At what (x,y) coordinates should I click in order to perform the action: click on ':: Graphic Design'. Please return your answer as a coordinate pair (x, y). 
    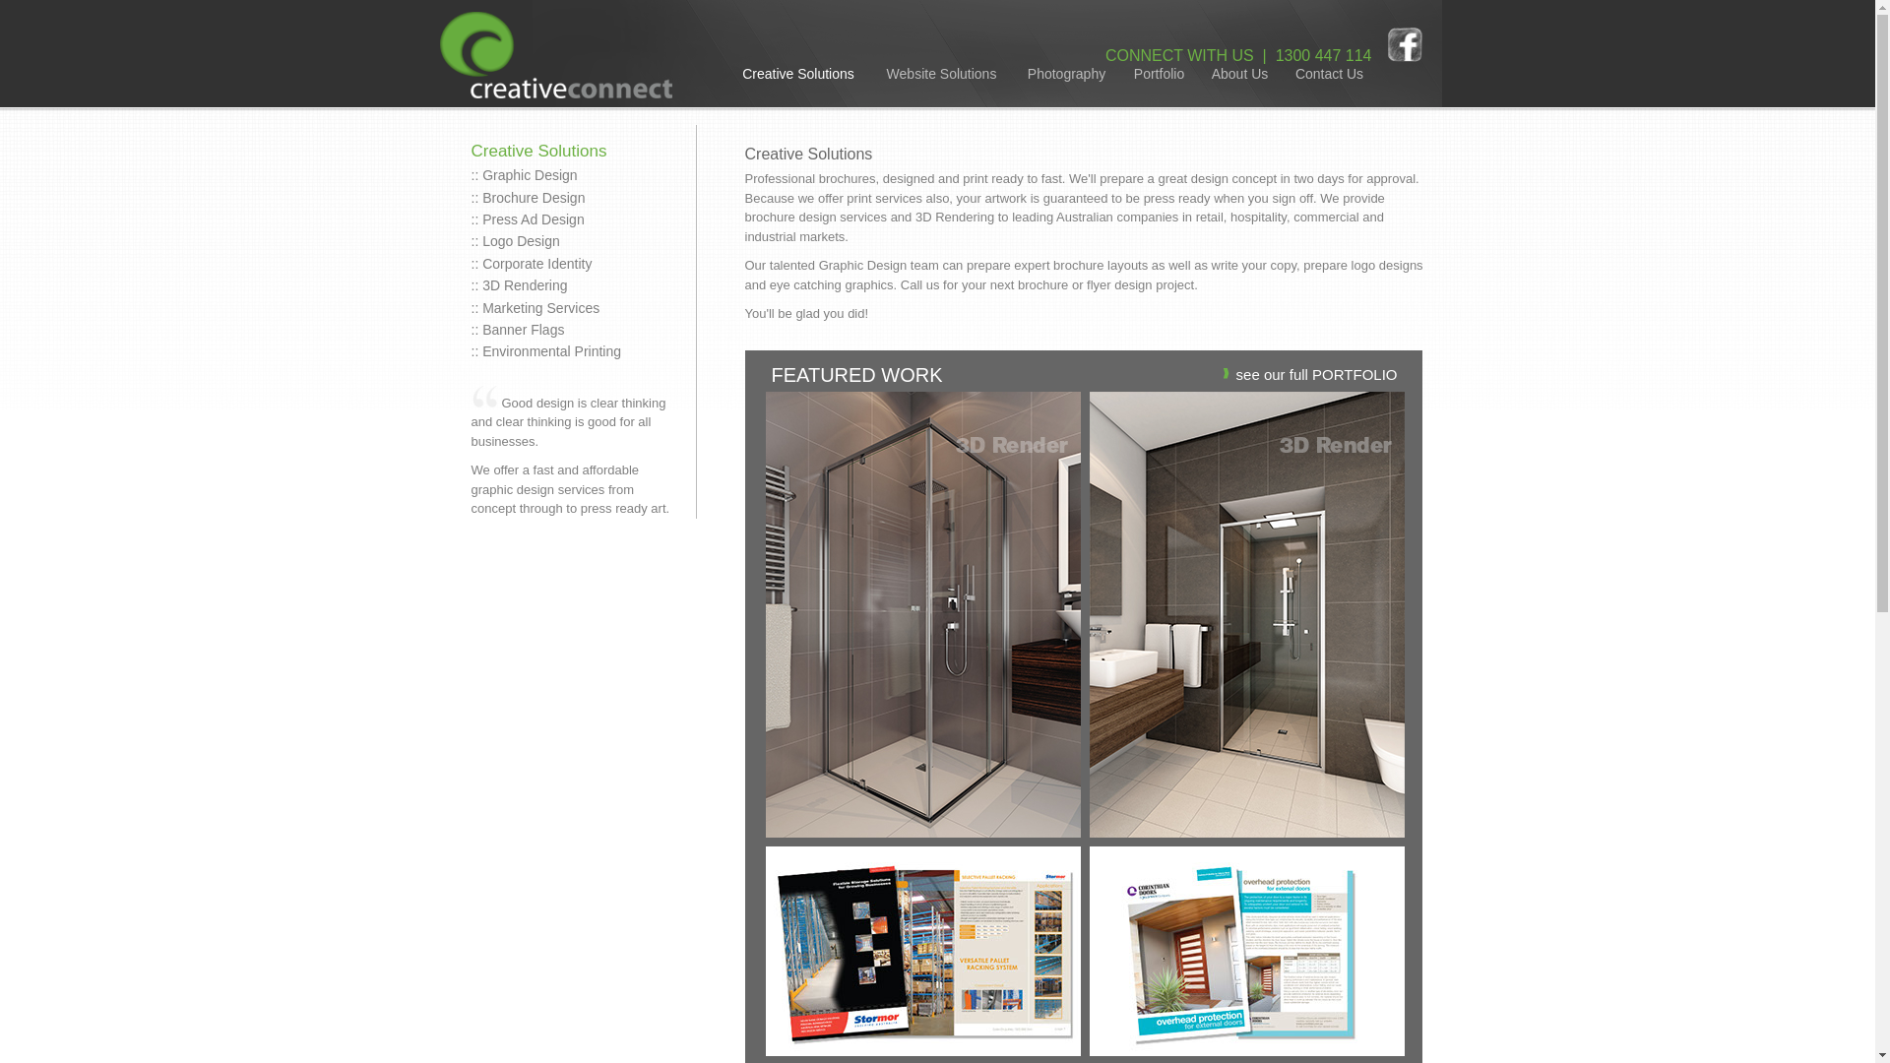
    Looking at the image, I should click on (470, 173).